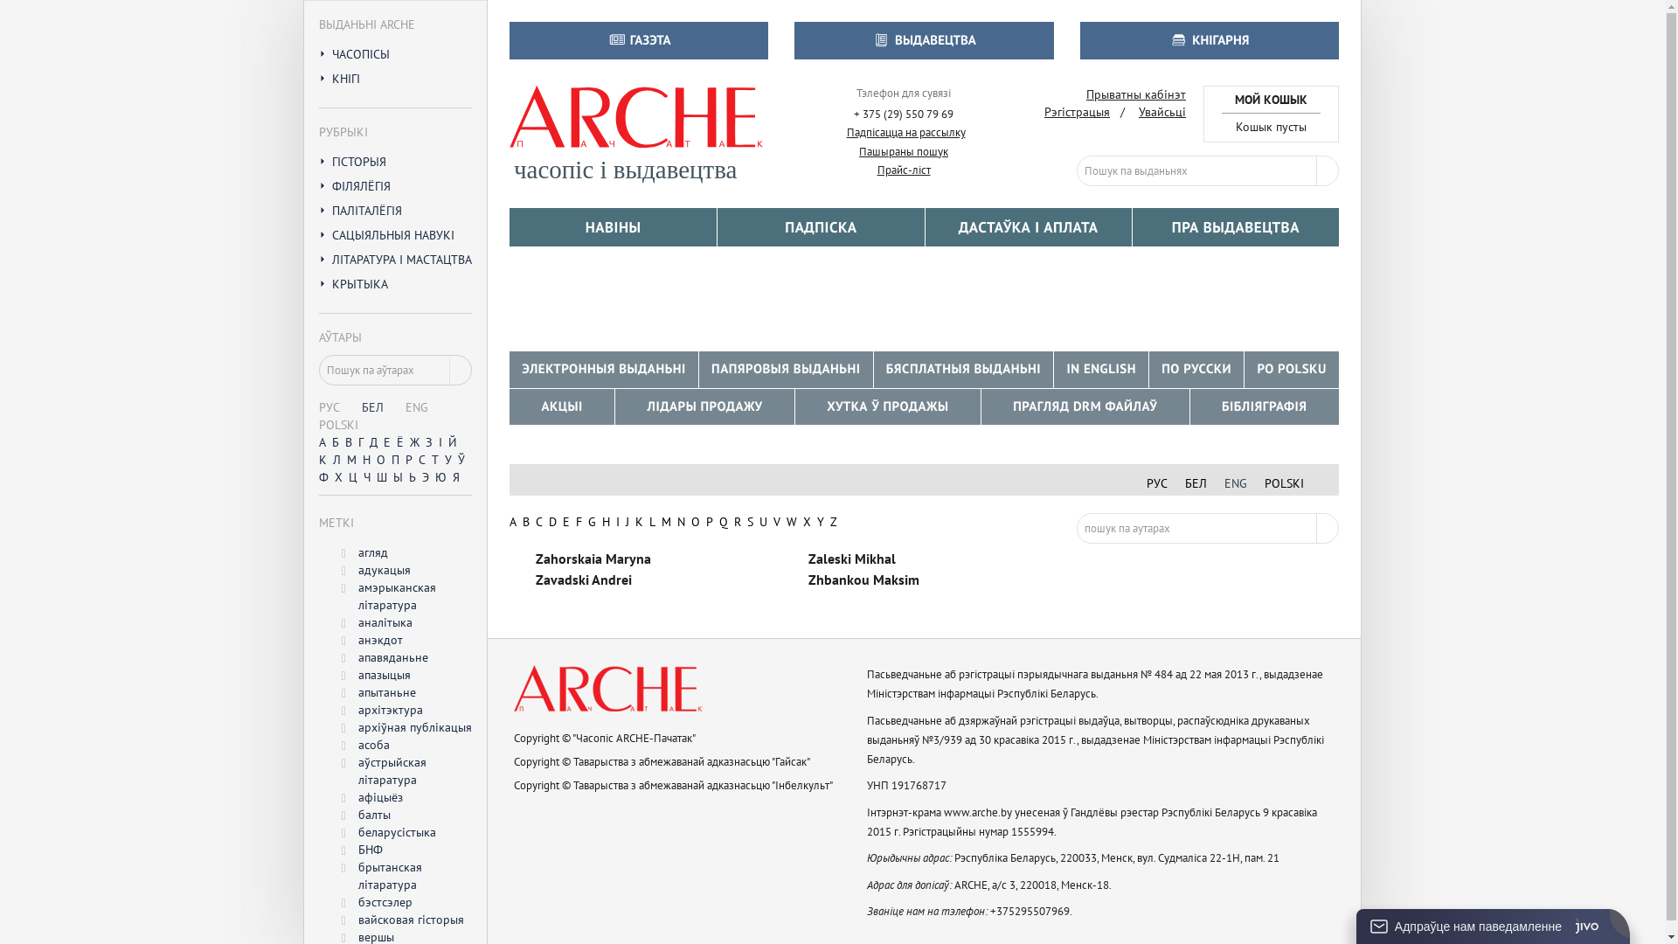 Image resolution: width=1678 pixels, height=944 pixels. What do you see at coordinates (593, 559) in the screenshot?
I see `'Zahorskaia Maryna'` at bounding box center [593, 559].